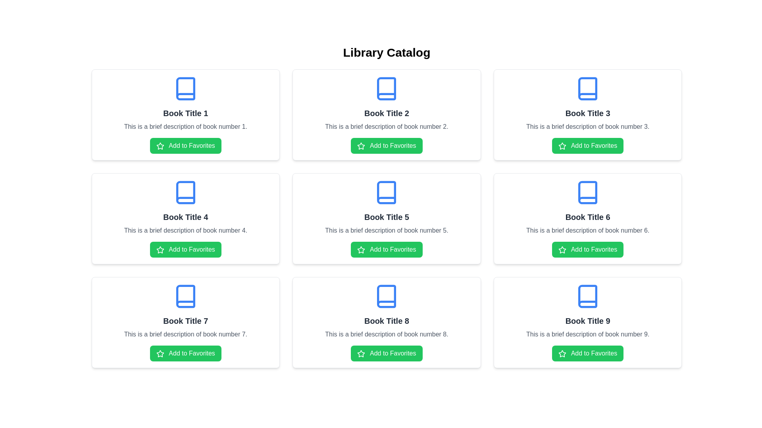 The width and height of the screenshot is (762, 428). Describe the element at coordinates (185, 126) in the screenshot. I see `supplemental text description located beneath the 'Book Title 1' and above the 'Add to Favorites' button in the first book card` at that location.